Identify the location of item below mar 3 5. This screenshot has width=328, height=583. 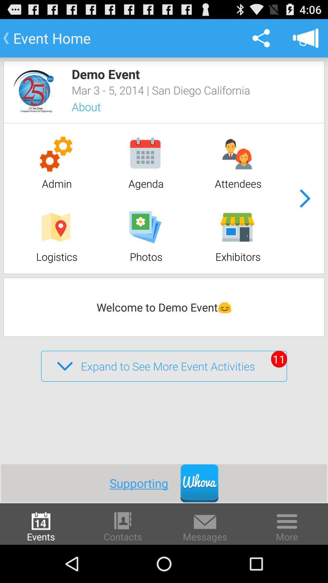
(94, 107).